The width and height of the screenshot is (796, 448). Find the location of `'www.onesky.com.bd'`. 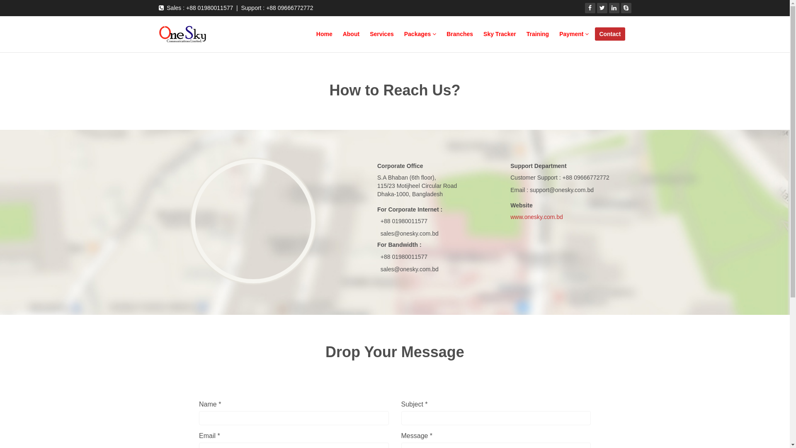

'www.onesky.com.bd' is located at coordinates (536, 217).